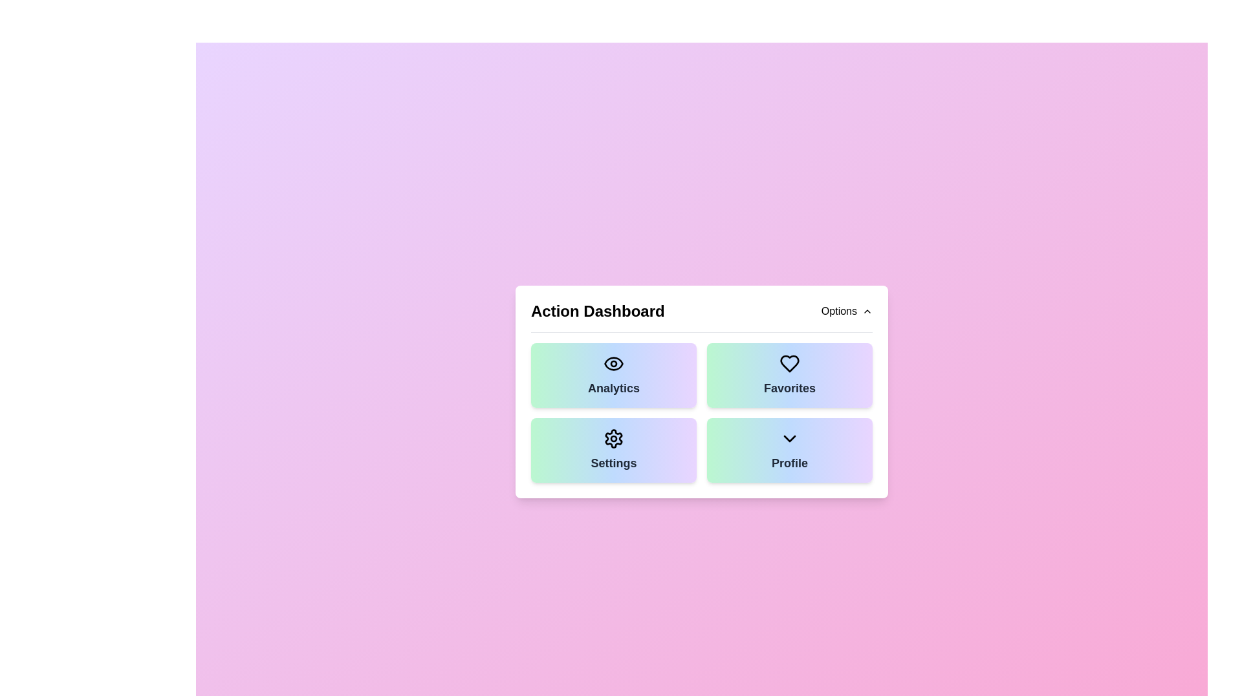 The height and width of the screenshot is (698, 1242). I want to click on the Dropdown Menu Trigger located in the top-right corner of the Action Dashboard section, so click(847, 311).